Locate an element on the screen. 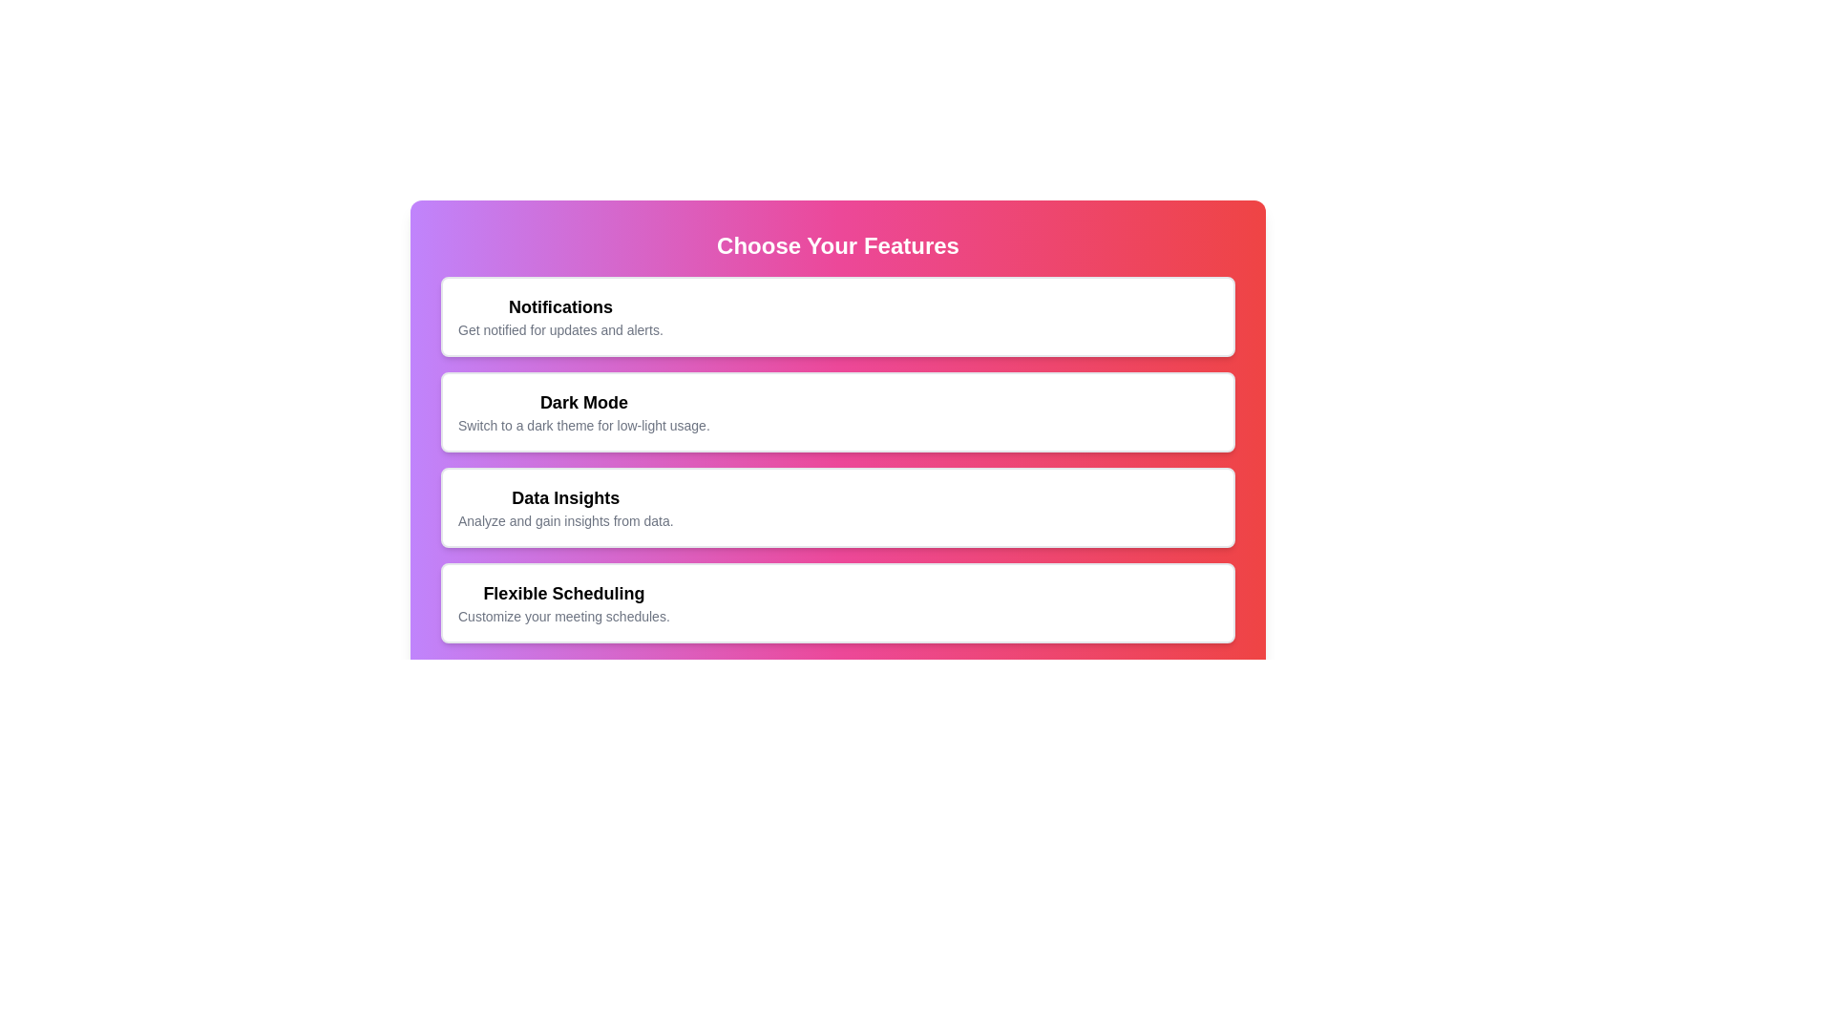 The image size is (1833, 1031). the static text that reads 'Customize your meeting schedules.', which is styled in gray and located beneath the 'Flexible Scheduling' heading within the feature cards is located at coordinates (562, 616).